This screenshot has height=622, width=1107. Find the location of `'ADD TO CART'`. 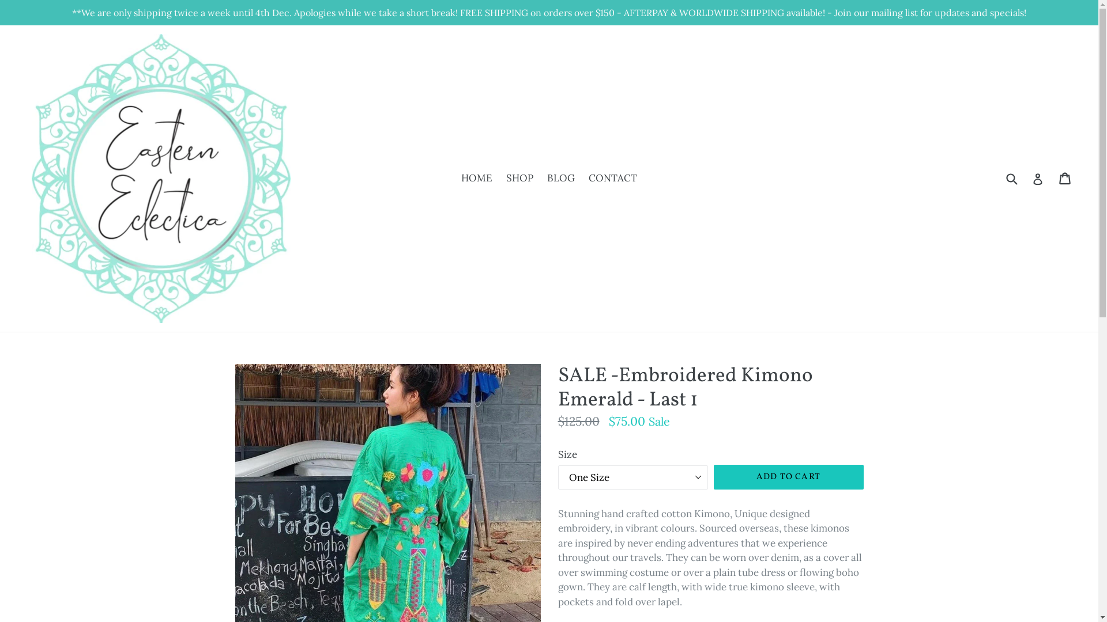

'ADD TO CART' is located at coordinates (788, 477).